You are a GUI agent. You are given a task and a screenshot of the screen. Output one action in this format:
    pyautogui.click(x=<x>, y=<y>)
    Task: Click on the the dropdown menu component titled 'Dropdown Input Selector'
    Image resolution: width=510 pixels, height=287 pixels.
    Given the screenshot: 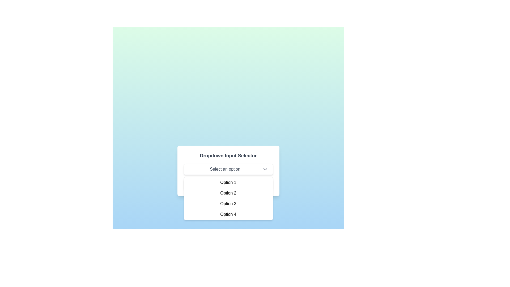 What is the action you would take?
    pyautogui.click(x=228, y=171)
    